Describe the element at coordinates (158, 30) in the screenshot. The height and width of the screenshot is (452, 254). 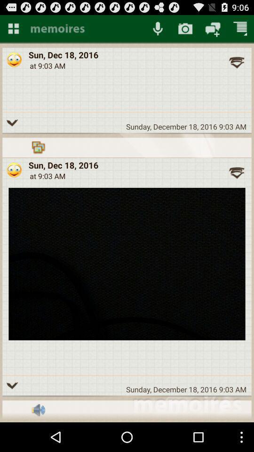
I see `the microphone icon` at that location.